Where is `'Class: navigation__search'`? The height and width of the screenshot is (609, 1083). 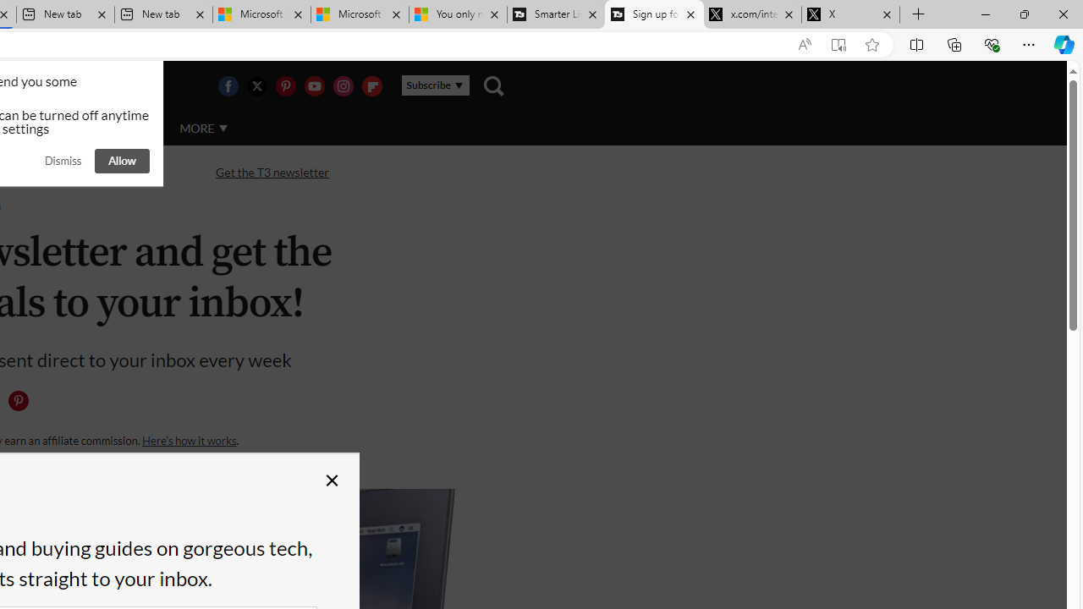
'Class: navigation__search' is located at coordinates (492, 85).